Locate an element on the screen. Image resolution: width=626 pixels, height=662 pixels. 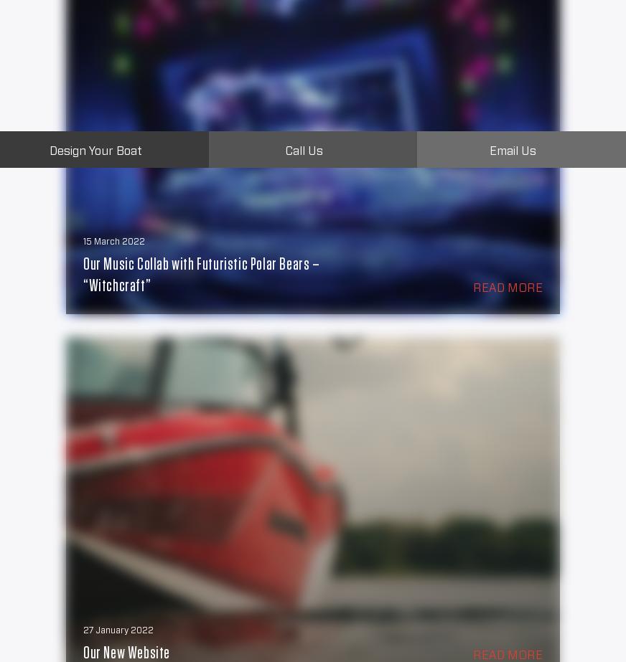
'27 January 2022' is located at coordinates (118, 629).